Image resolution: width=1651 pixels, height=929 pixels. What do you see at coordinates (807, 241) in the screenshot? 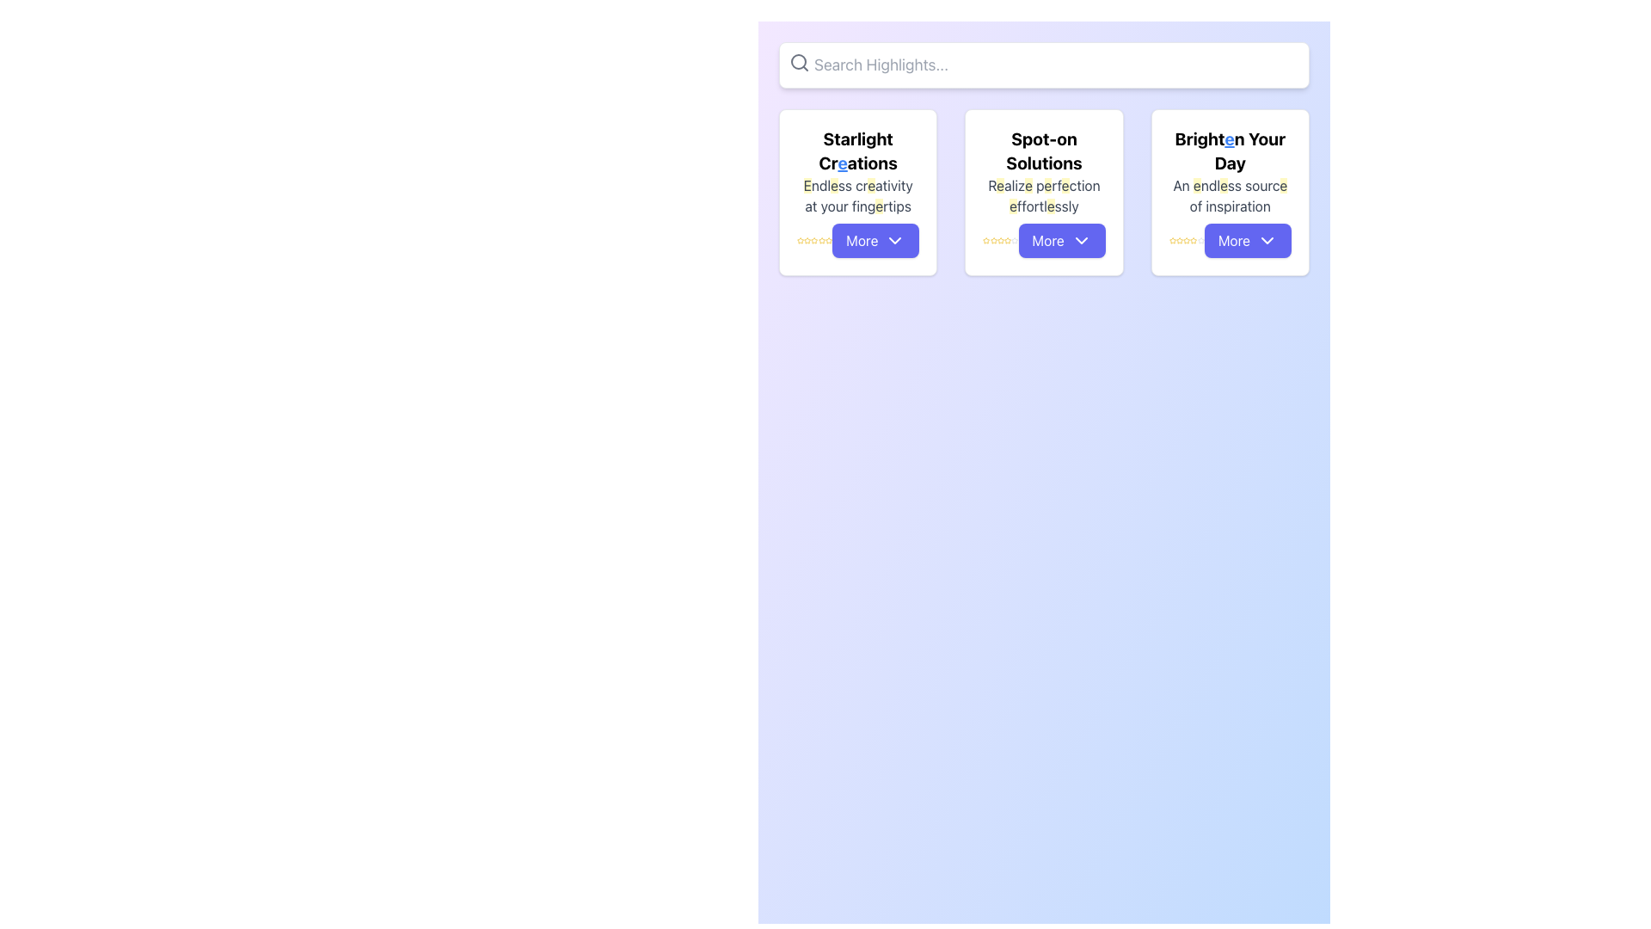
I see `the third star icon, which is yellow outlined and located beneath the 'Starlight Creations' heading` at bounding box center [807, 241].